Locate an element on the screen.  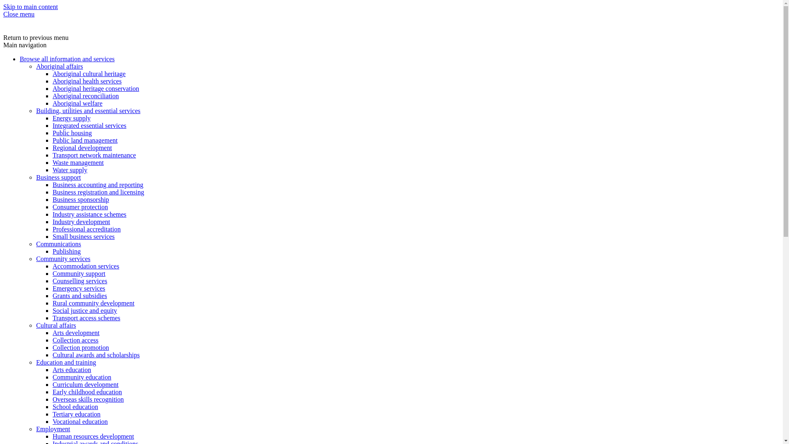
'Industry assistance schemes' is located at coordinates (52, 214).